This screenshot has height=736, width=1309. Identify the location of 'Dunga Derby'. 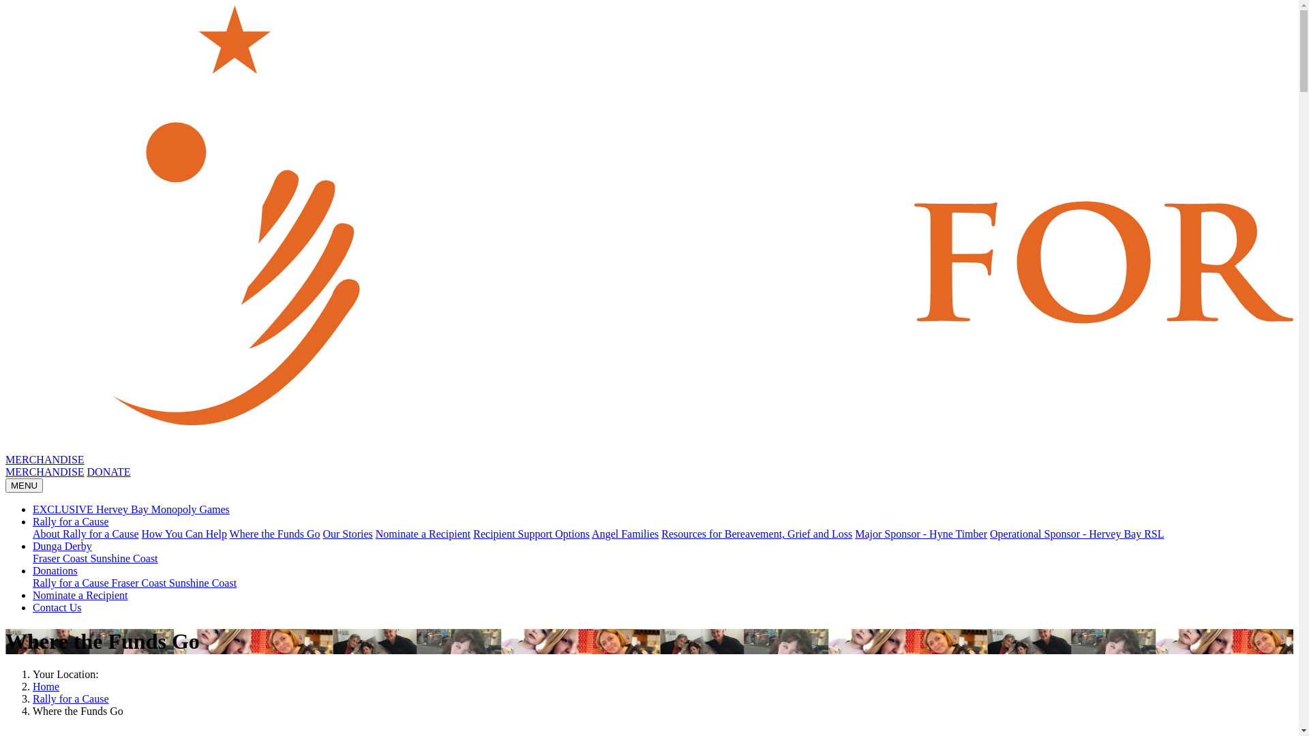
(61, 545).